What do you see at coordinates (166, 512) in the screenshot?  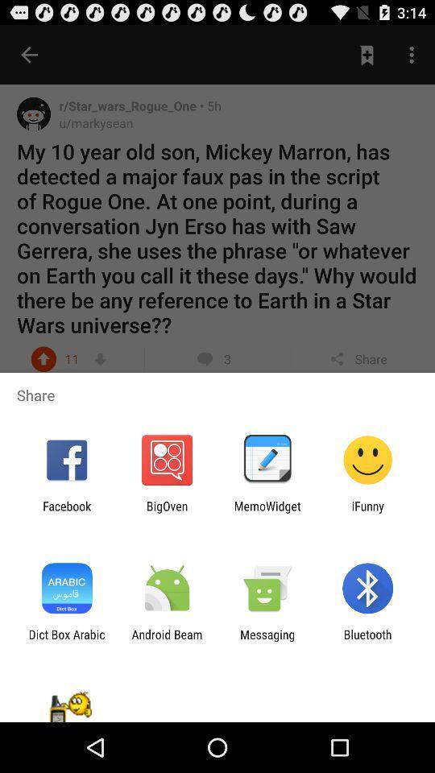 I see `the item to the left of memowidget app` at bounding box center [166, 512].